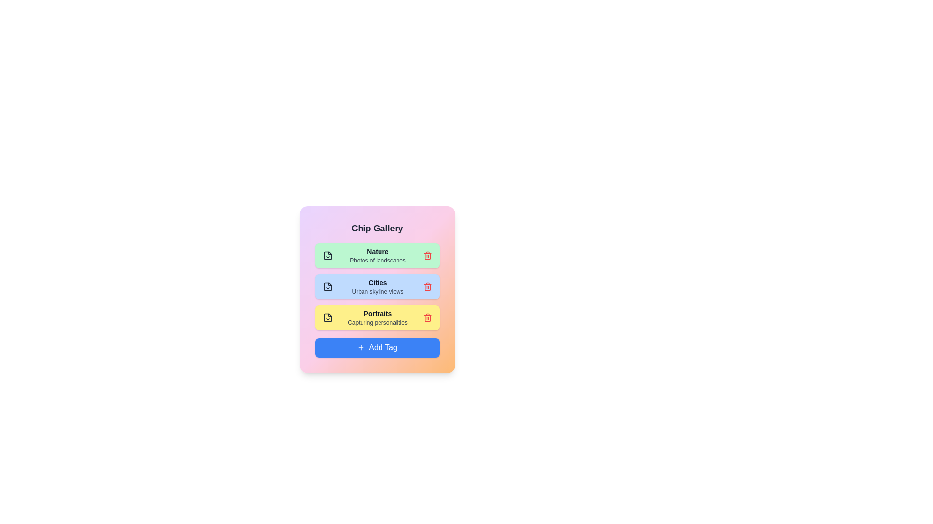  Describe the element at coordinates (377, 347) in the screenshot. I see `the 'Add Tag' button to add a new tag` at that location.